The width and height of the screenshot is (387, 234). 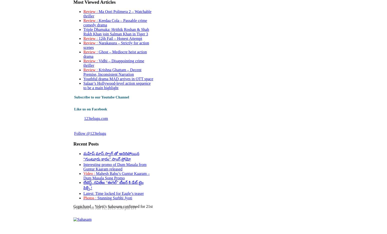 I want to click on 'Salaar’s Hollywood-level action sequence to be a main highlight', so click(x=117, y=85).